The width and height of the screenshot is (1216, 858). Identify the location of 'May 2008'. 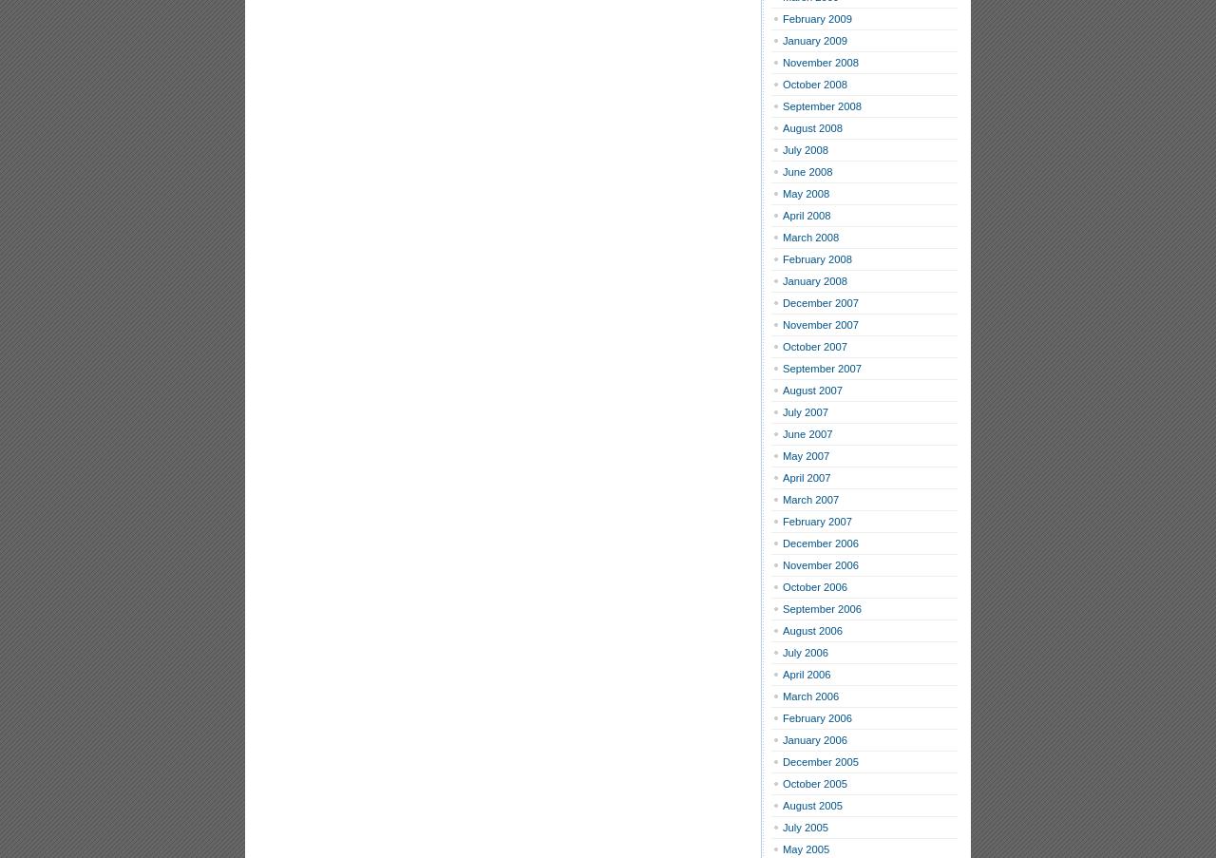
(806, 193).